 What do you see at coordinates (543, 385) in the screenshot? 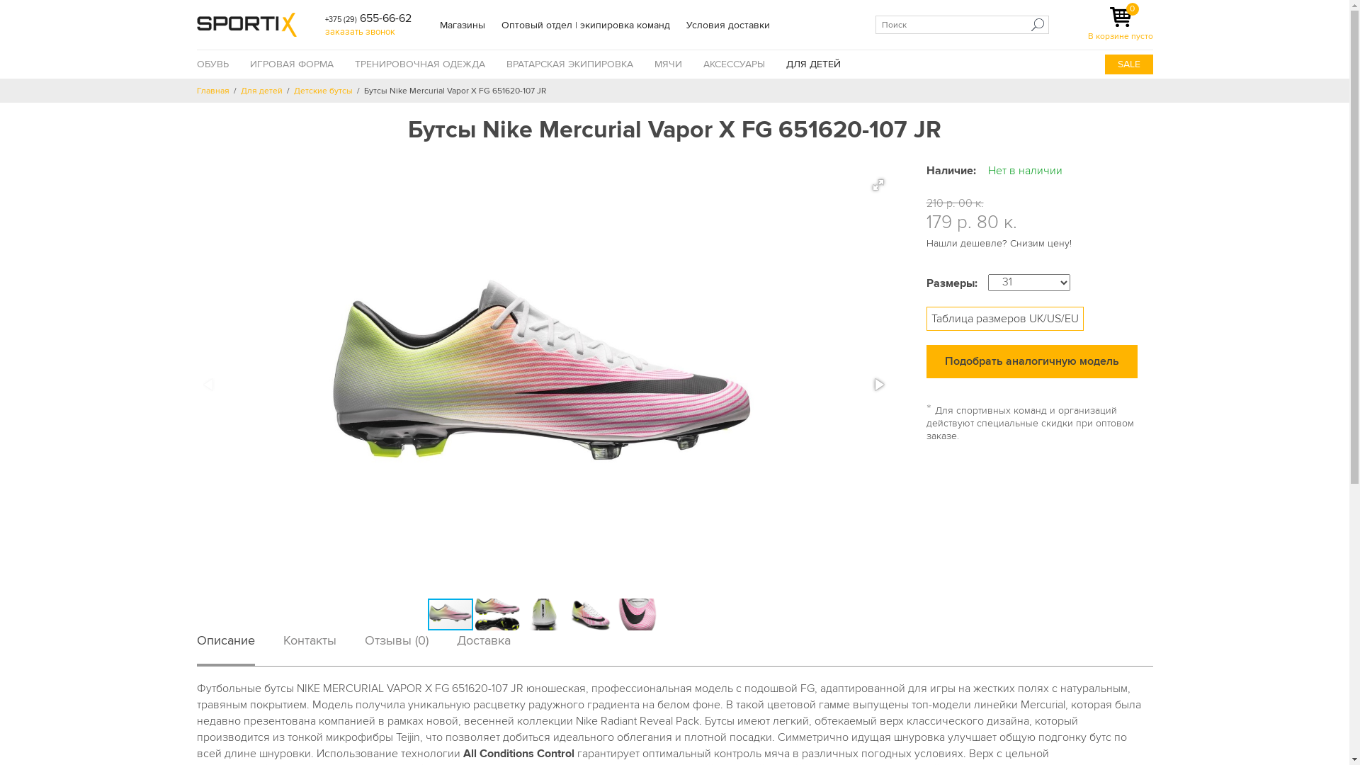
I see `'Nike Mercurial Vapor X FG 651620-107 JRnew.jpg'` at bounding box center [543, 385].